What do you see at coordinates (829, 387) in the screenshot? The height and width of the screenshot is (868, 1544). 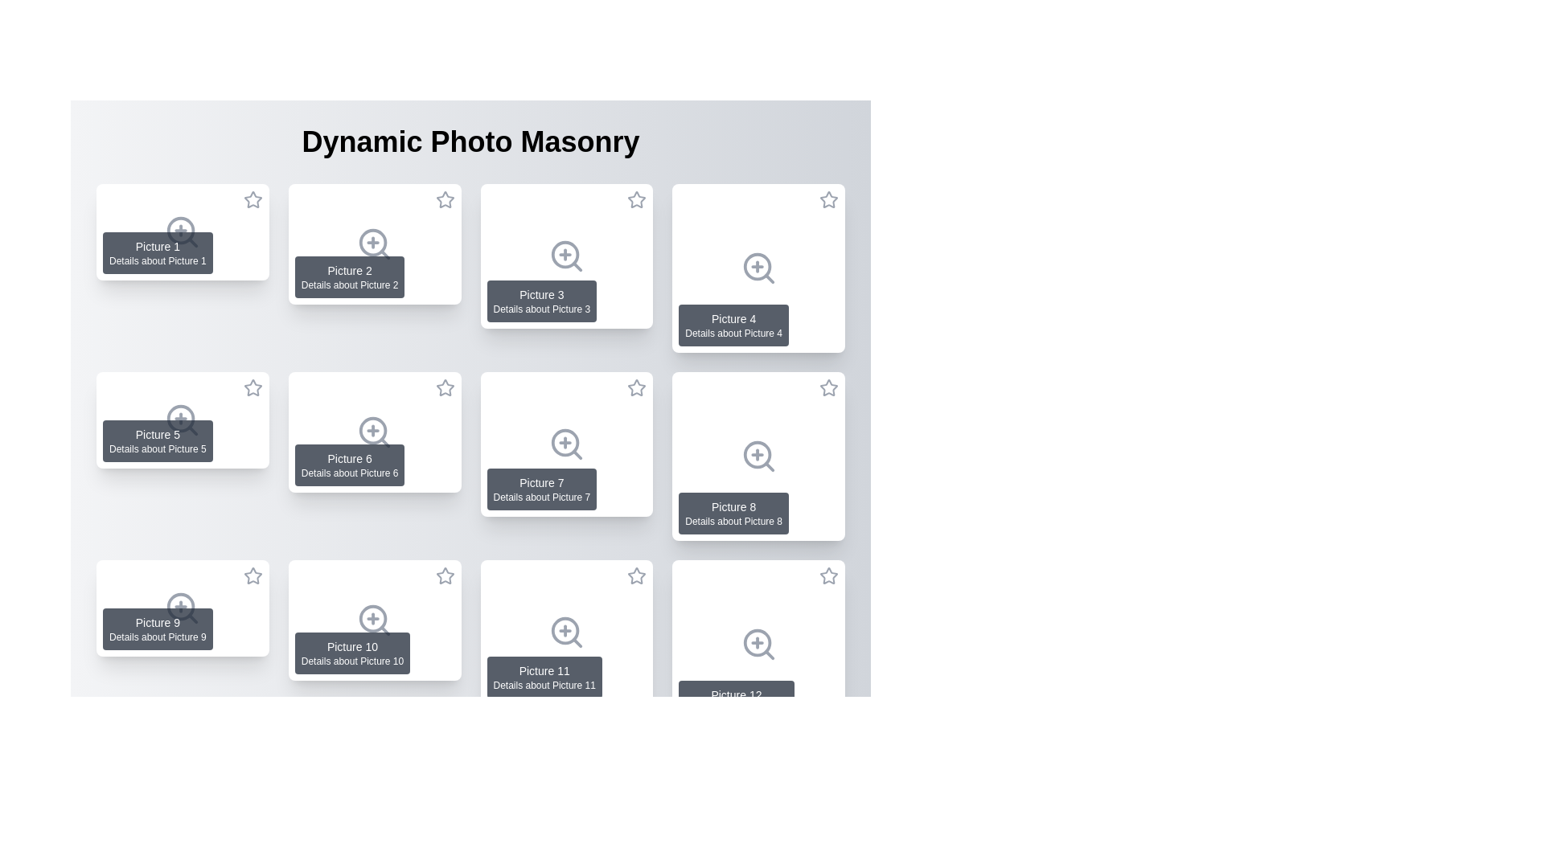 I see `the gray star icon located in the top-right corner of the eighth grid item in the 'Dynamic Photo Masonry' layout` at bounding box center [829, 387].